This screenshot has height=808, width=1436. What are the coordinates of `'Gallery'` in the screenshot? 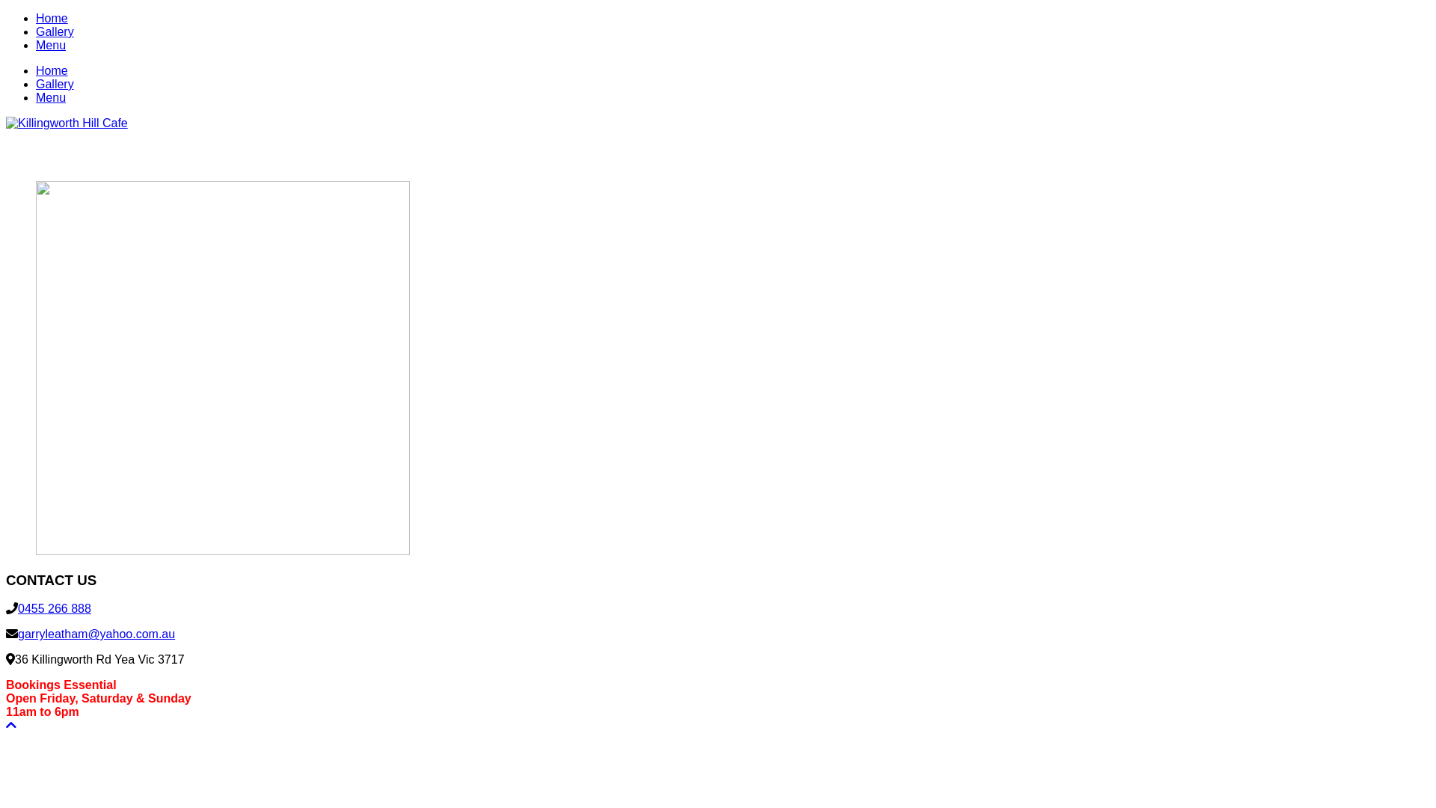 It's located at (55, 31).